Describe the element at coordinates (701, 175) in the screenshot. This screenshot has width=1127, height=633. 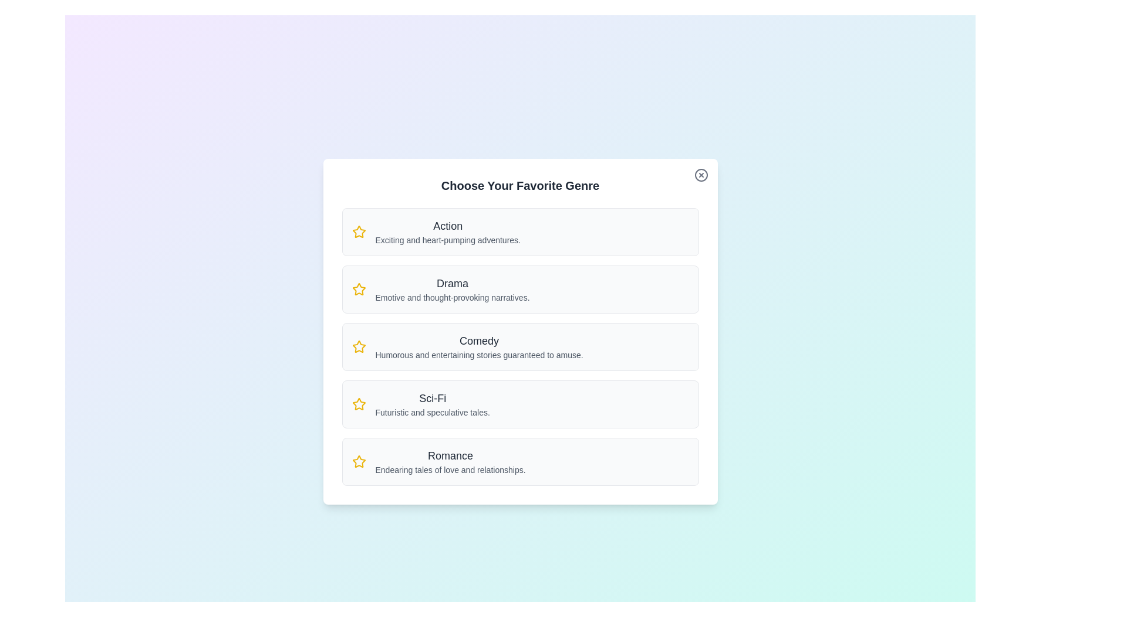
I see `the close button to close the dialog` at that location.